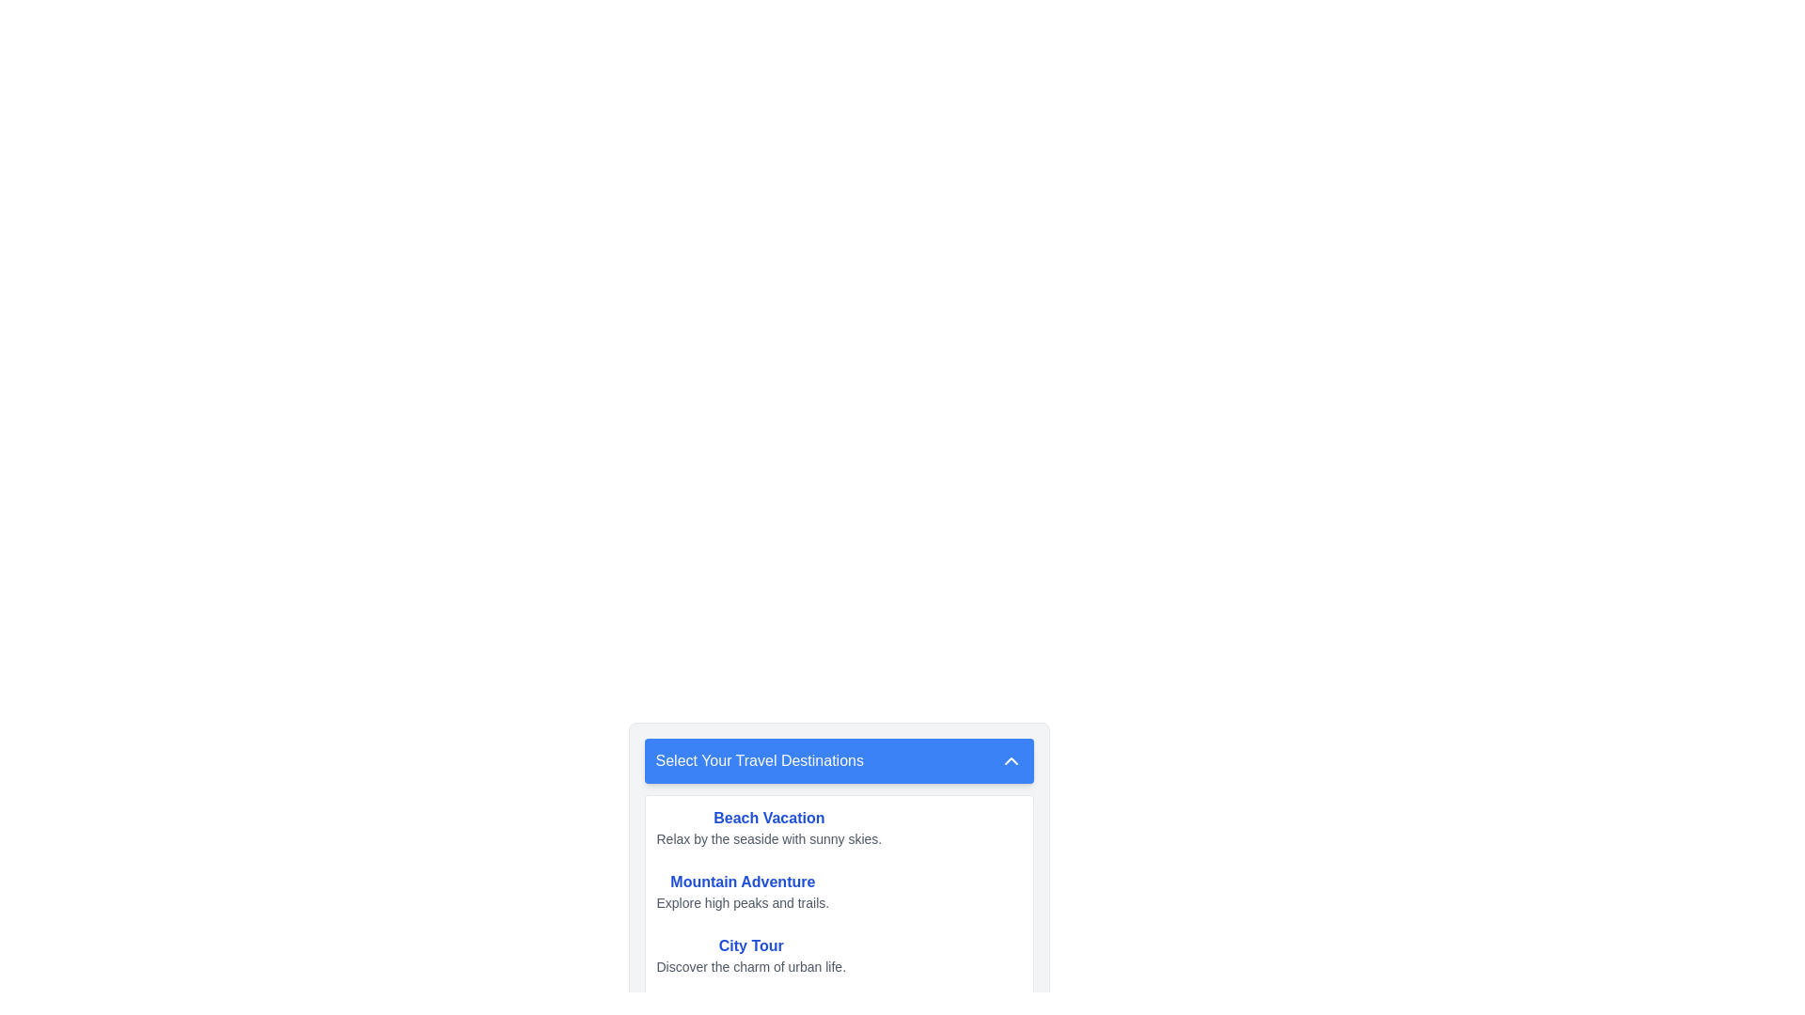  I want to click on the vibrant blue button labeled 'Select Your Travel Destinations', so click(838, 761).